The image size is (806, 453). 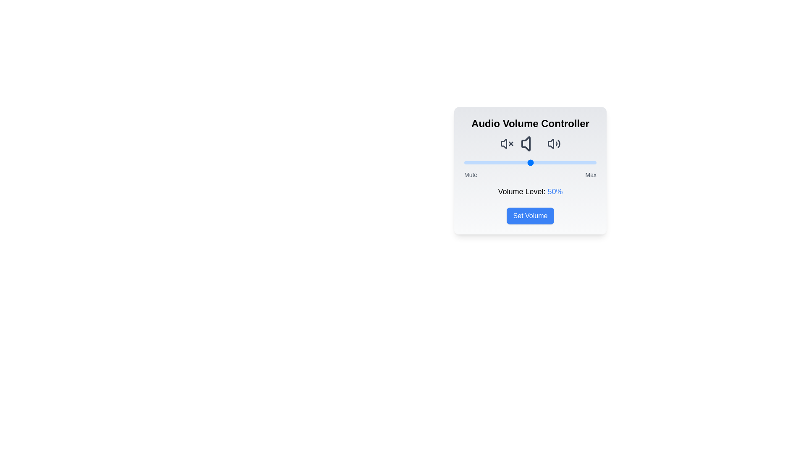 What do you see at coordinates (530, 163) in the screenshot?
I see `the volume slider to 50%` at bounding box center [530, 163].